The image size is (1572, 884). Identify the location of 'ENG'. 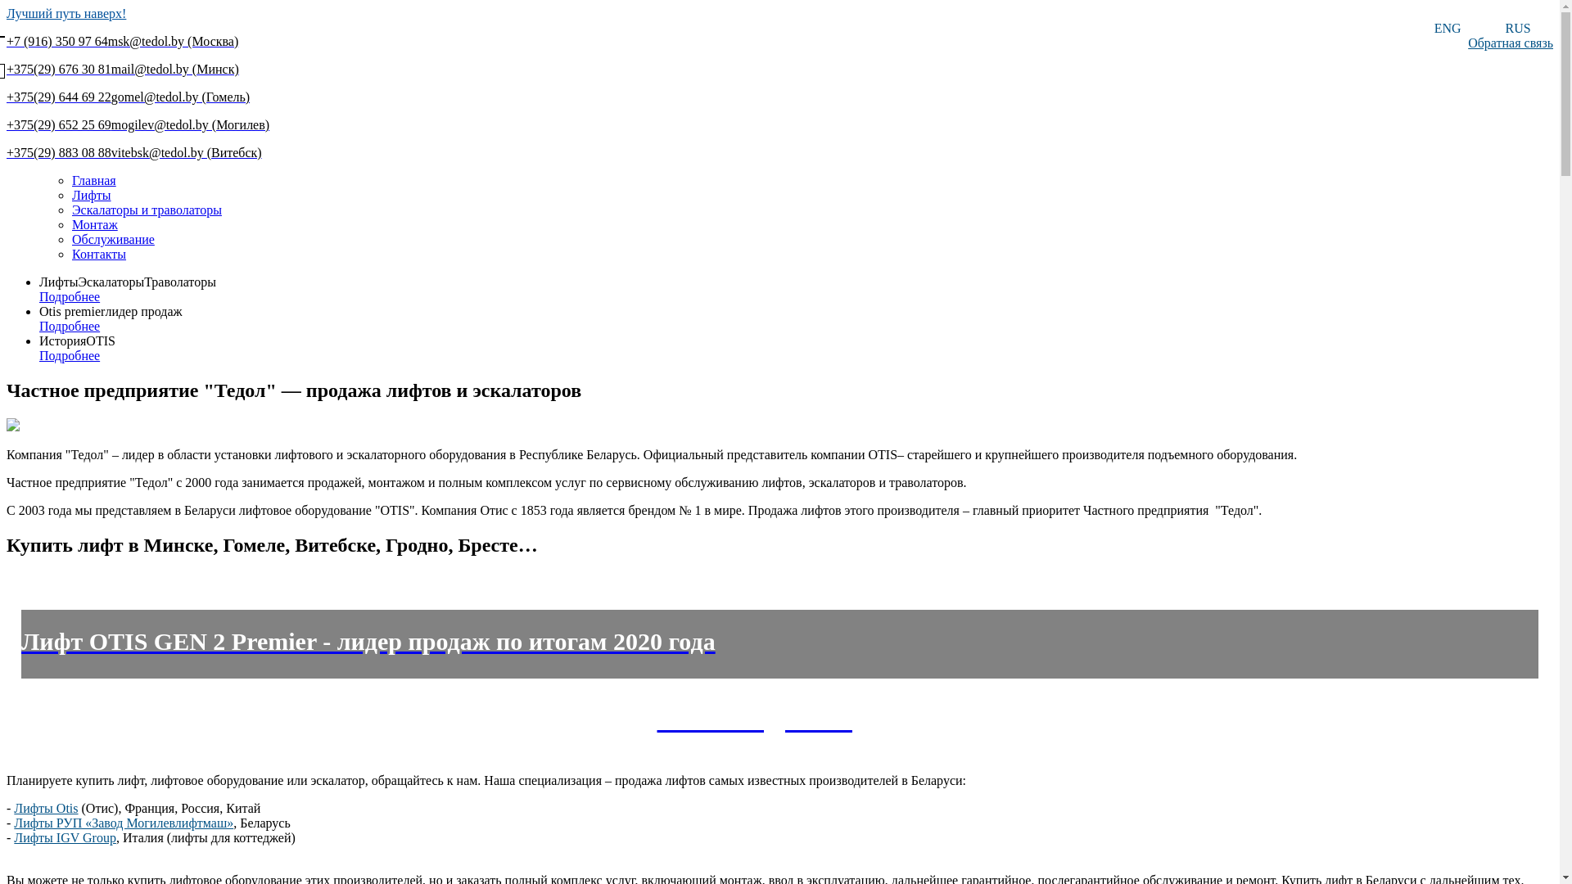
(1447, 28).